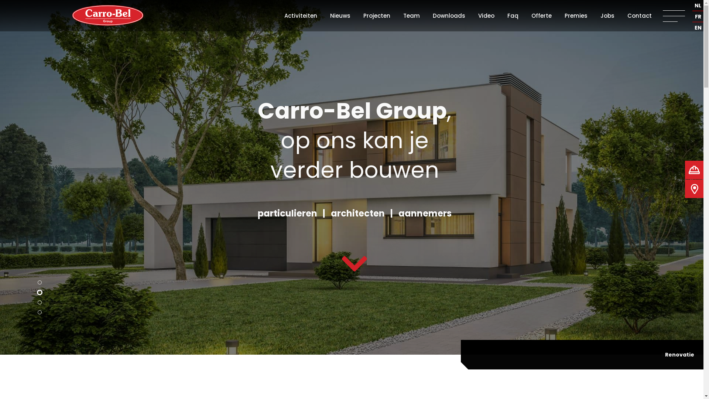 Image resolution: width=709 pixels, height=399 pixels. I want to click on 'FR', so click(698, 17).